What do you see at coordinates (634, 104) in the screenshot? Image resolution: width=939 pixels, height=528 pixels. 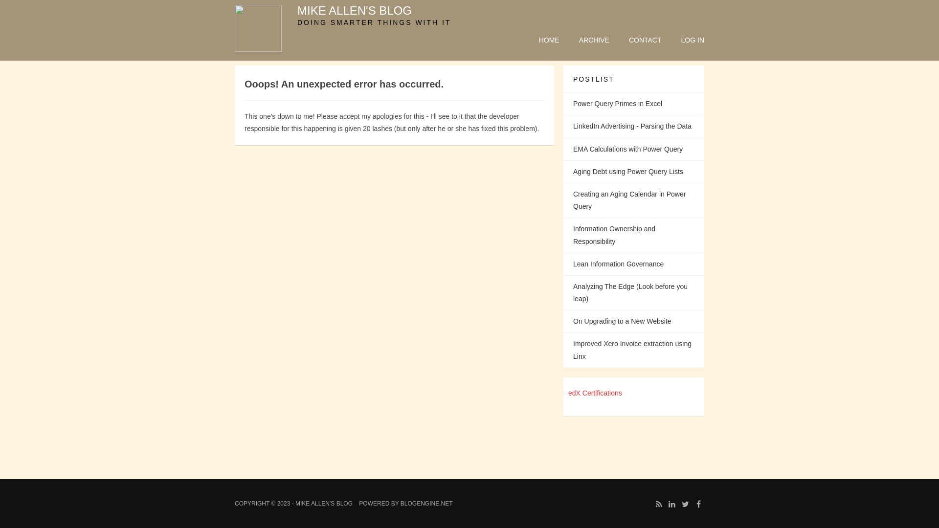 I see `'Power Query Primes in Excel'` at bounding box center [634, 104].